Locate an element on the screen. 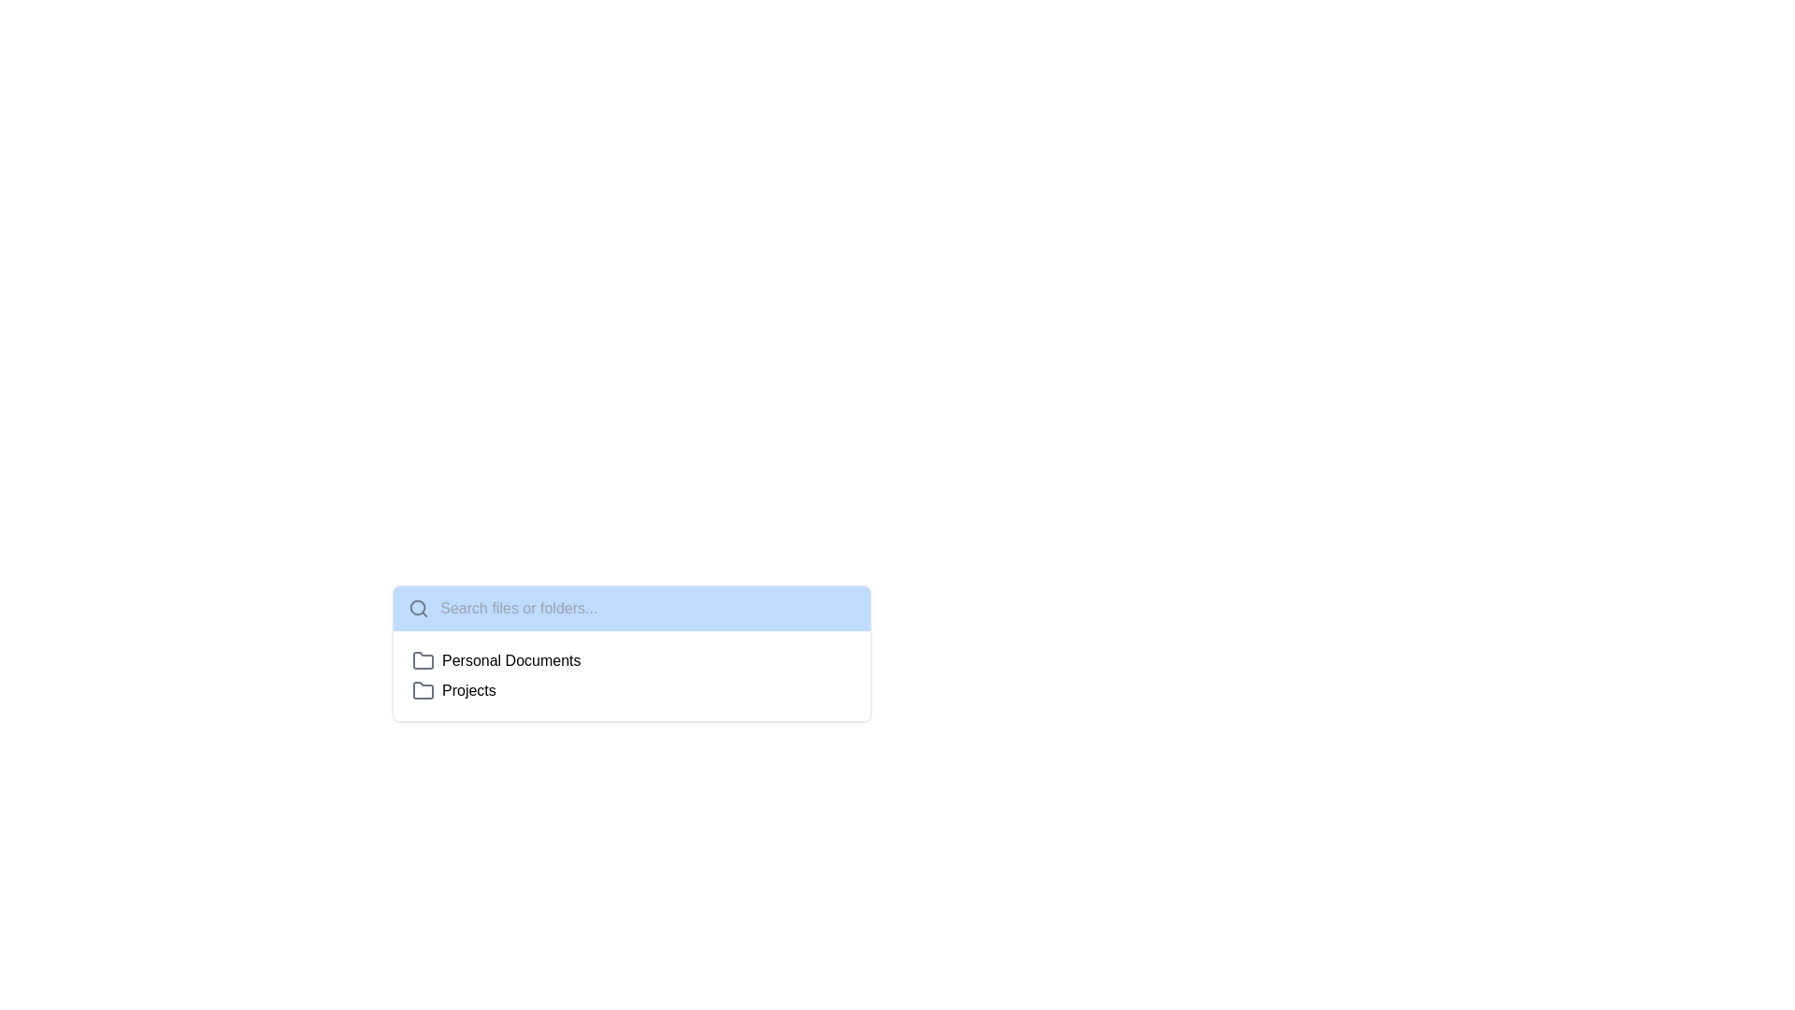  the text label 'Personal Documents' which denotes a directory in the file navigation panel, located beneath the search bar and above the 'Projects' item is located at coordinates (511, 659).